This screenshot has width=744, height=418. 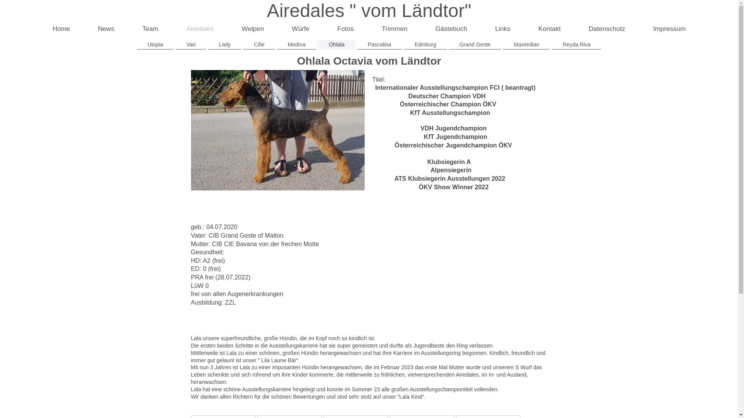 What do you see at coordinates (345, 29) in the screenshot?
I see `'Fotos'` at bounding box center [345, 29].